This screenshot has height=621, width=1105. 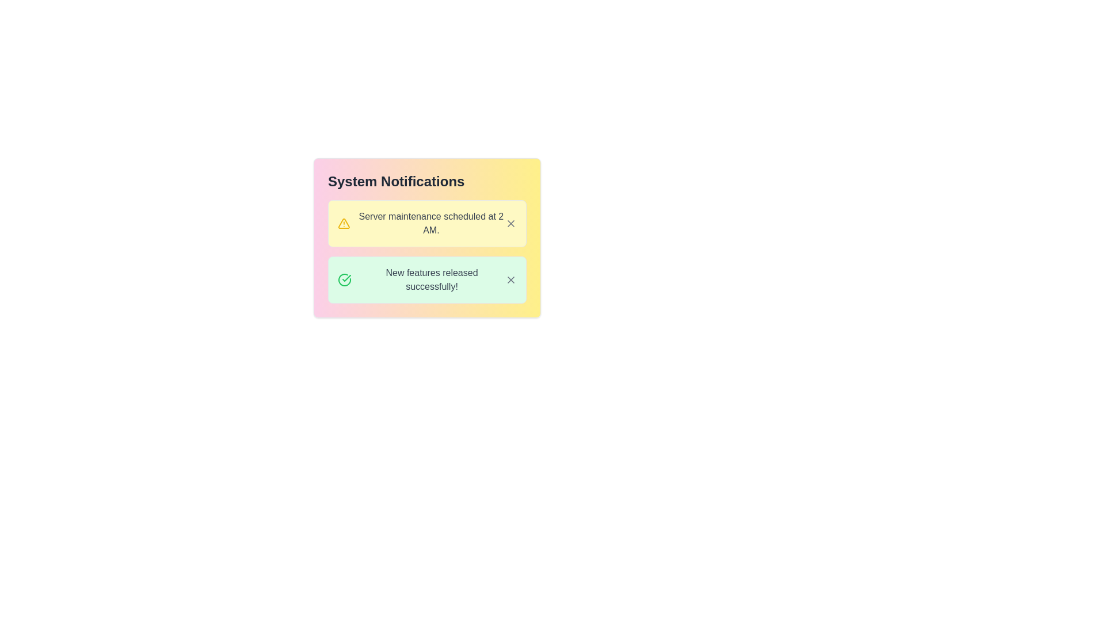 I want to click on the 'X' close icon in the top right corner of the notification labeled 'New features released successfully!', so click(x=510, y=279).